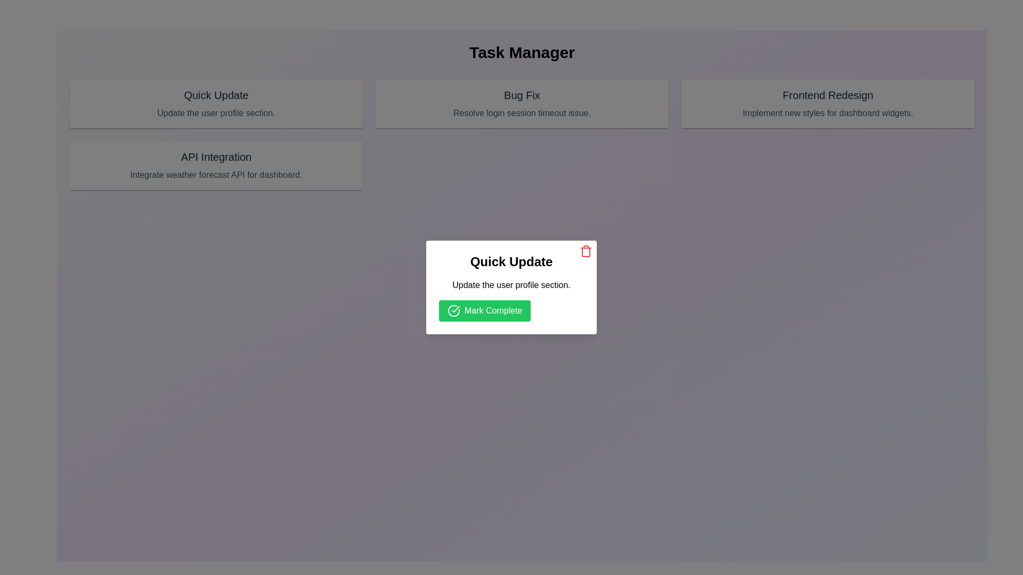  What do you see at coordinates (453, 310) in the screenshot?
I see `the 'Mark Complete' button which contains the icon to the left of the button text` at bounding box center [453, 310].